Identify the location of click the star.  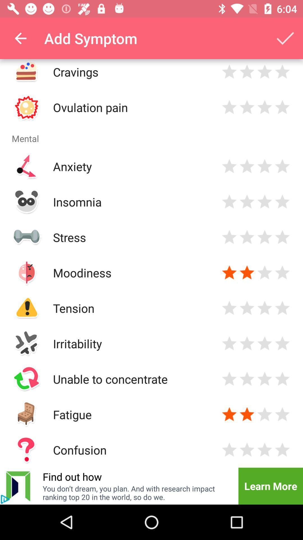
(247, 71).